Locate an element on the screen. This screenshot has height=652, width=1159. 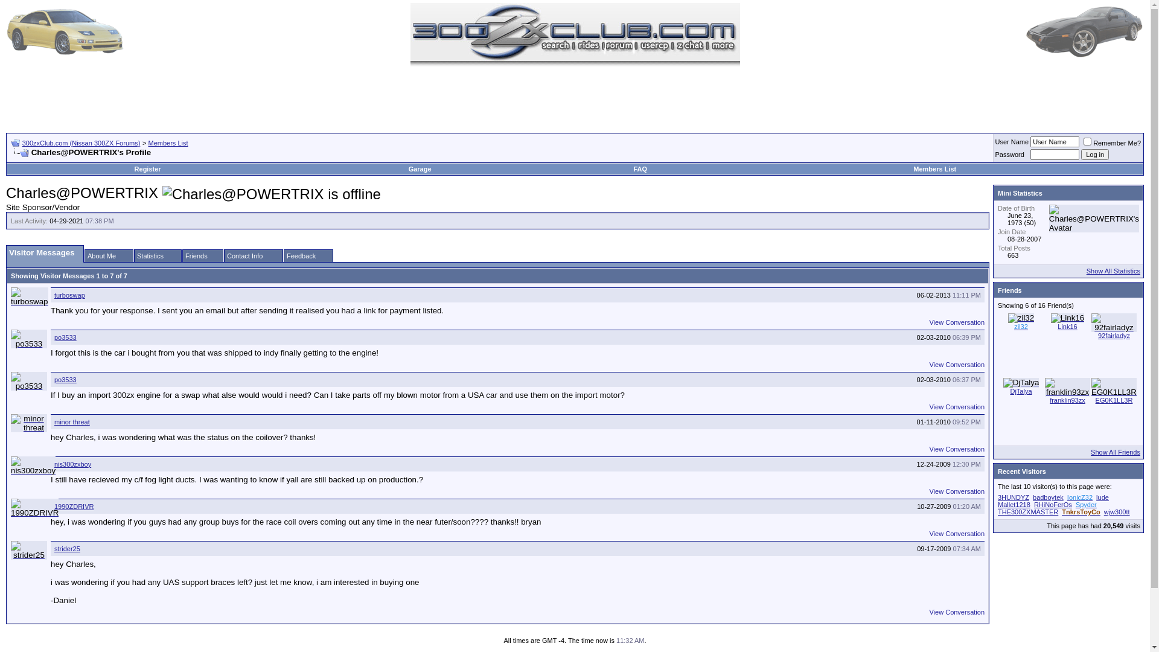
'FAQ' is located at coordinates (639, 169).